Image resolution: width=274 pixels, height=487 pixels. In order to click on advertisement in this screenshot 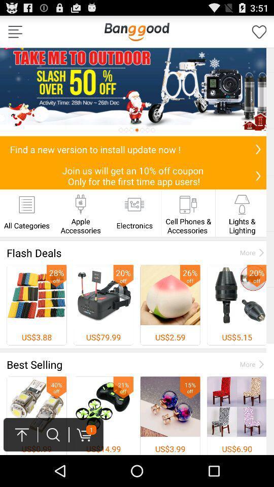, I will do `click(137, 92)`.